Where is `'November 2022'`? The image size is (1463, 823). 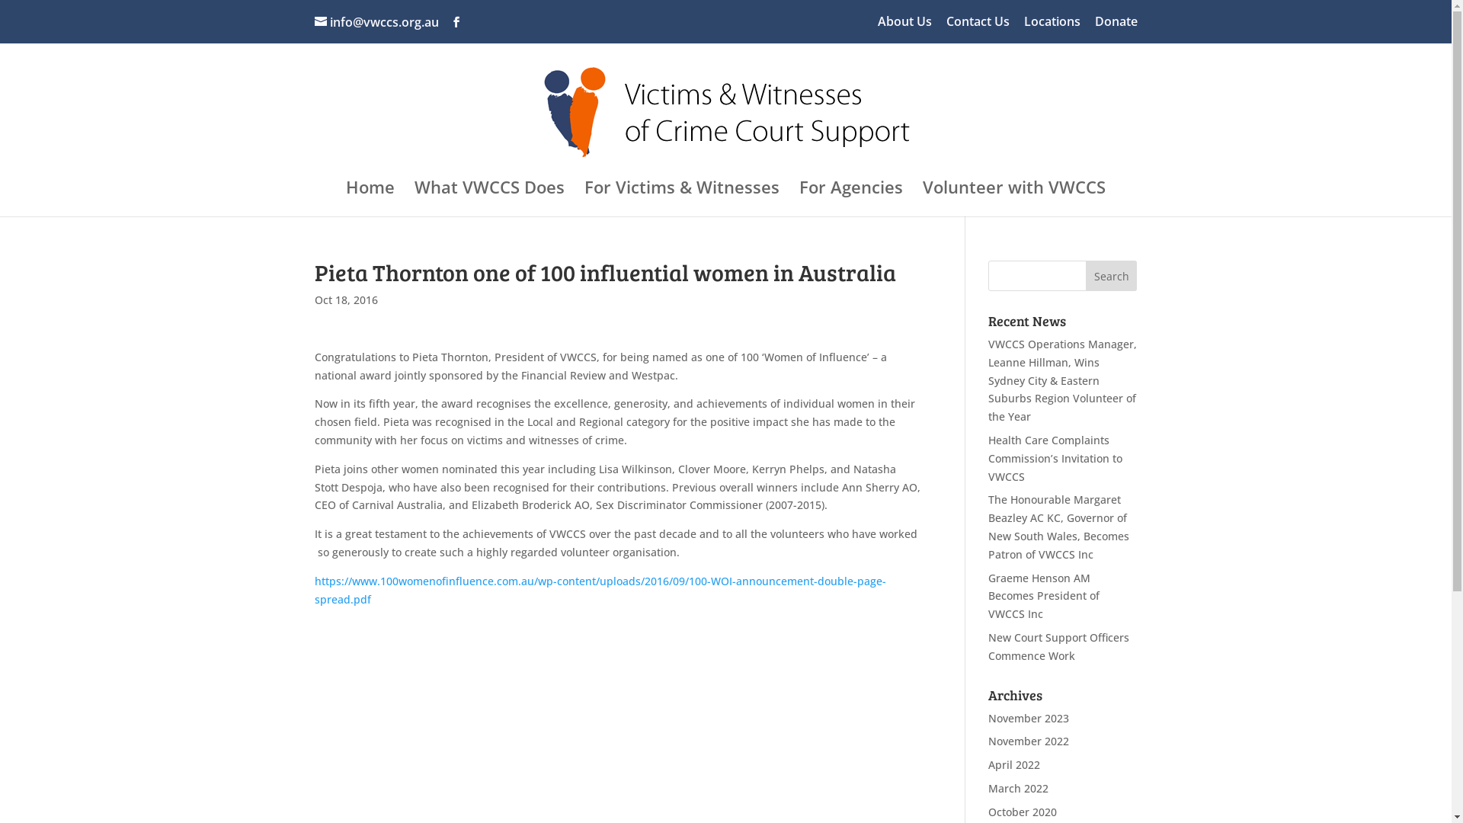
'November 2022' is located at coordinates (988, 740).